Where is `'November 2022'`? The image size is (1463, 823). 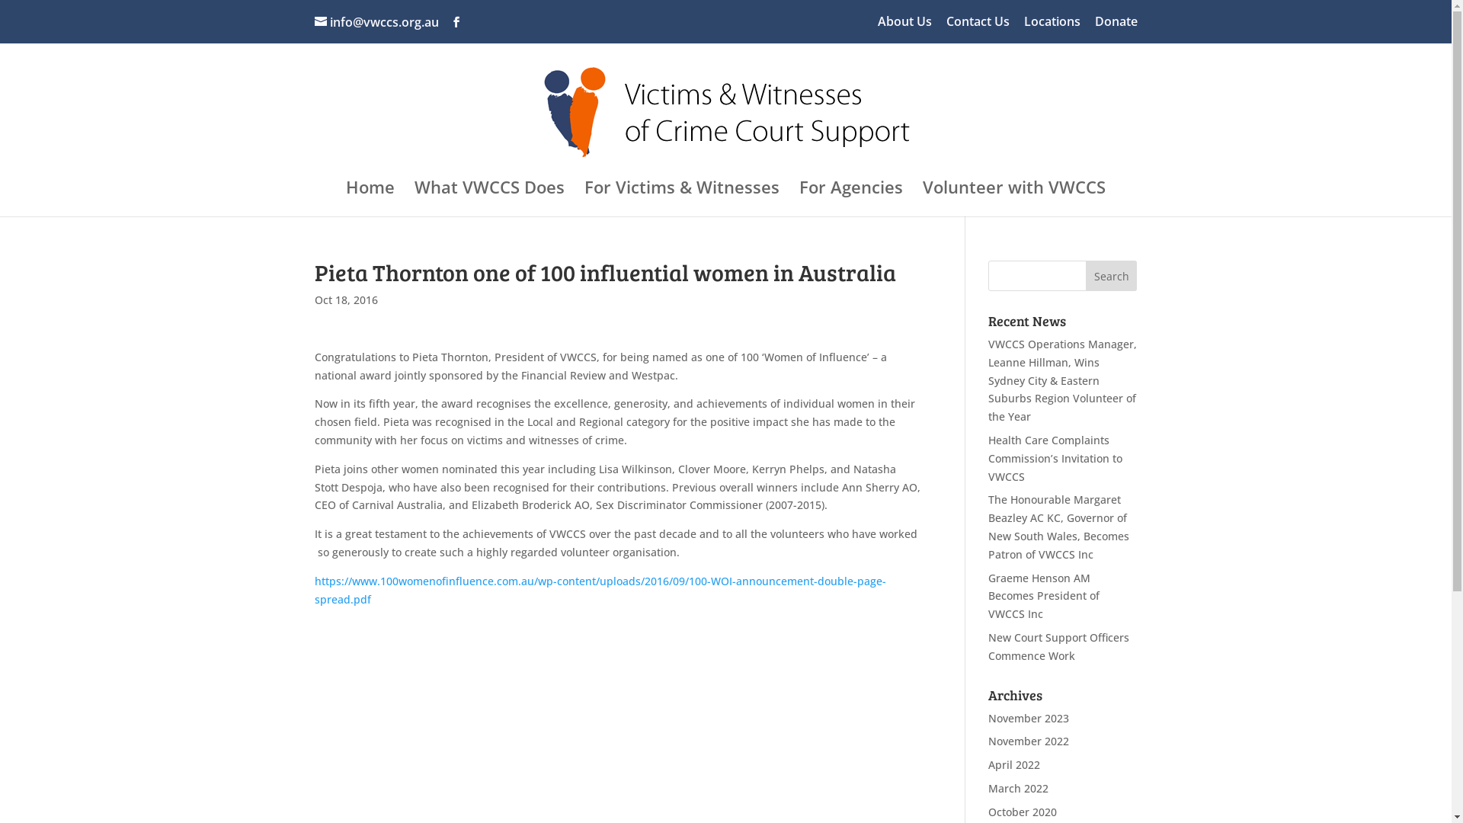
'November 2022' is located at coordinates (988, 740).